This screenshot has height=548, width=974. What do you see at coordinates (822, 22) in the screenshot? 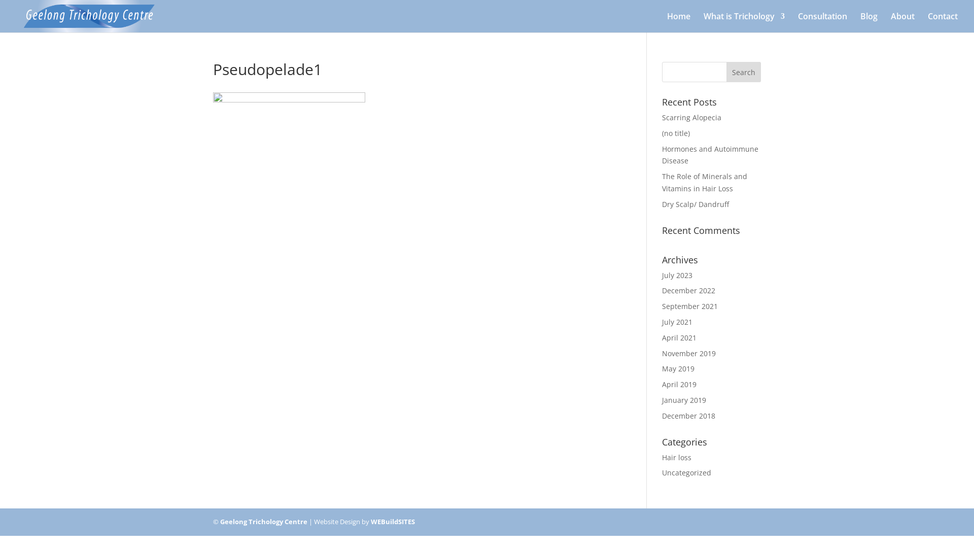
I see `'Consultation'` at bounding box center [822, 22].